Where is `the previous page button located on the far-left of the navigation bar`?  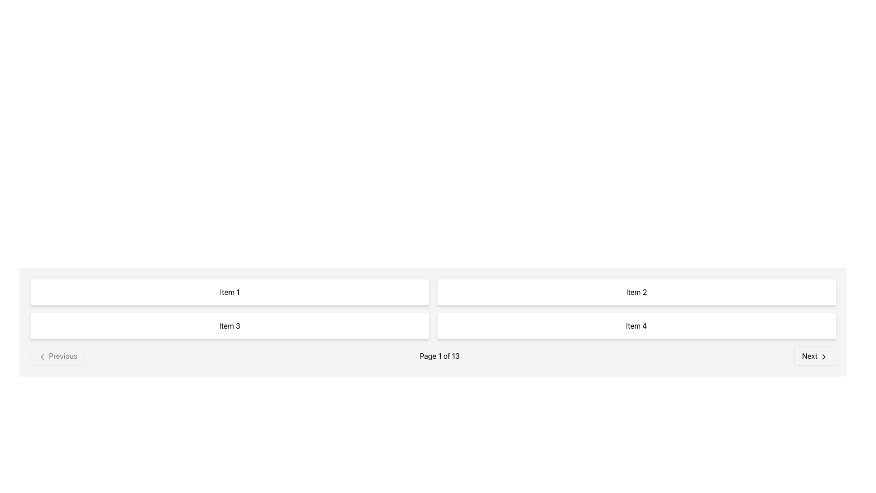
the previous page button located on the far-left of the navigation bar is located at coordinates (57, 355).